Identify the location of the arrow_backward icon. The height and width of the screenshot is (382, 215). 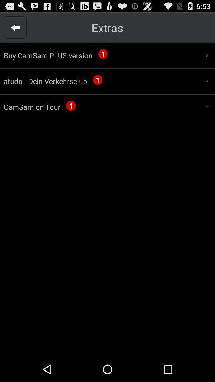
(15, 29).